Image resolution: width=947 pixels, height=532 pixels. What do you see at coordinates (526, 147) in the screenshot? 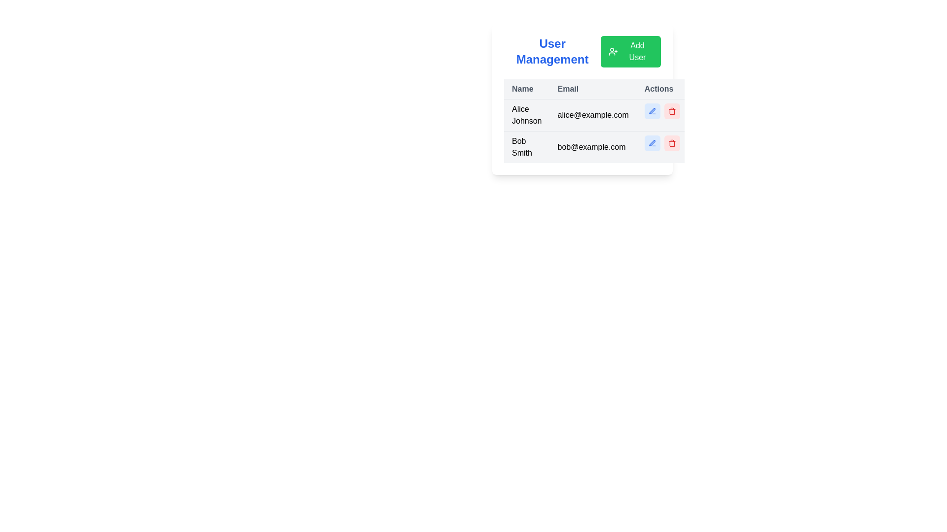
I see `text 'Bob Smith' from the first column of the second row in a structured table interface` at bounding box center [526, 147].